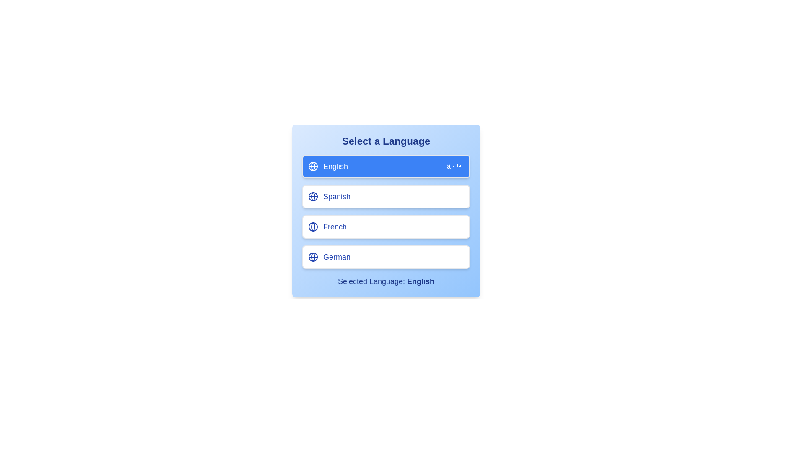 The width and height of the screenshot is (805, 453). I want to click on text label that displays the currently selected language, confirming the user's choice, so click(386, 281).